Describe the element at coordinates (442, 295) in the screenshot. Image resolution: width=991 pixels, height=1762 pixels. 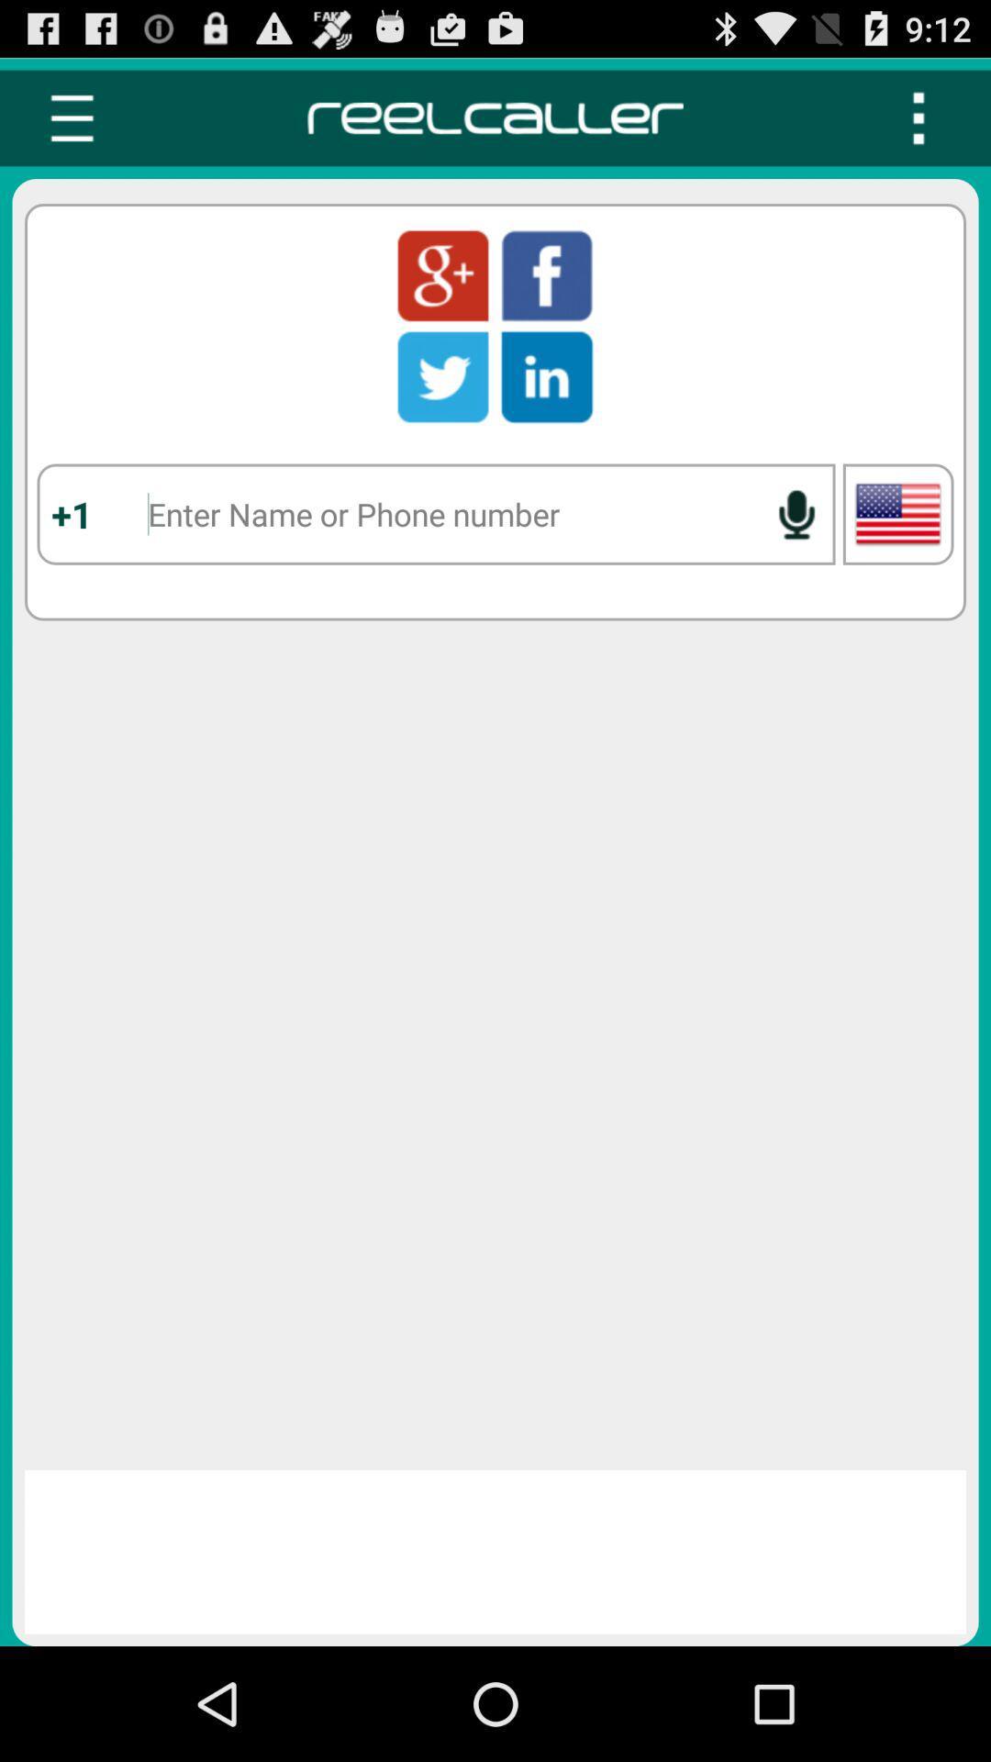
I see `the follow icon` at that location.